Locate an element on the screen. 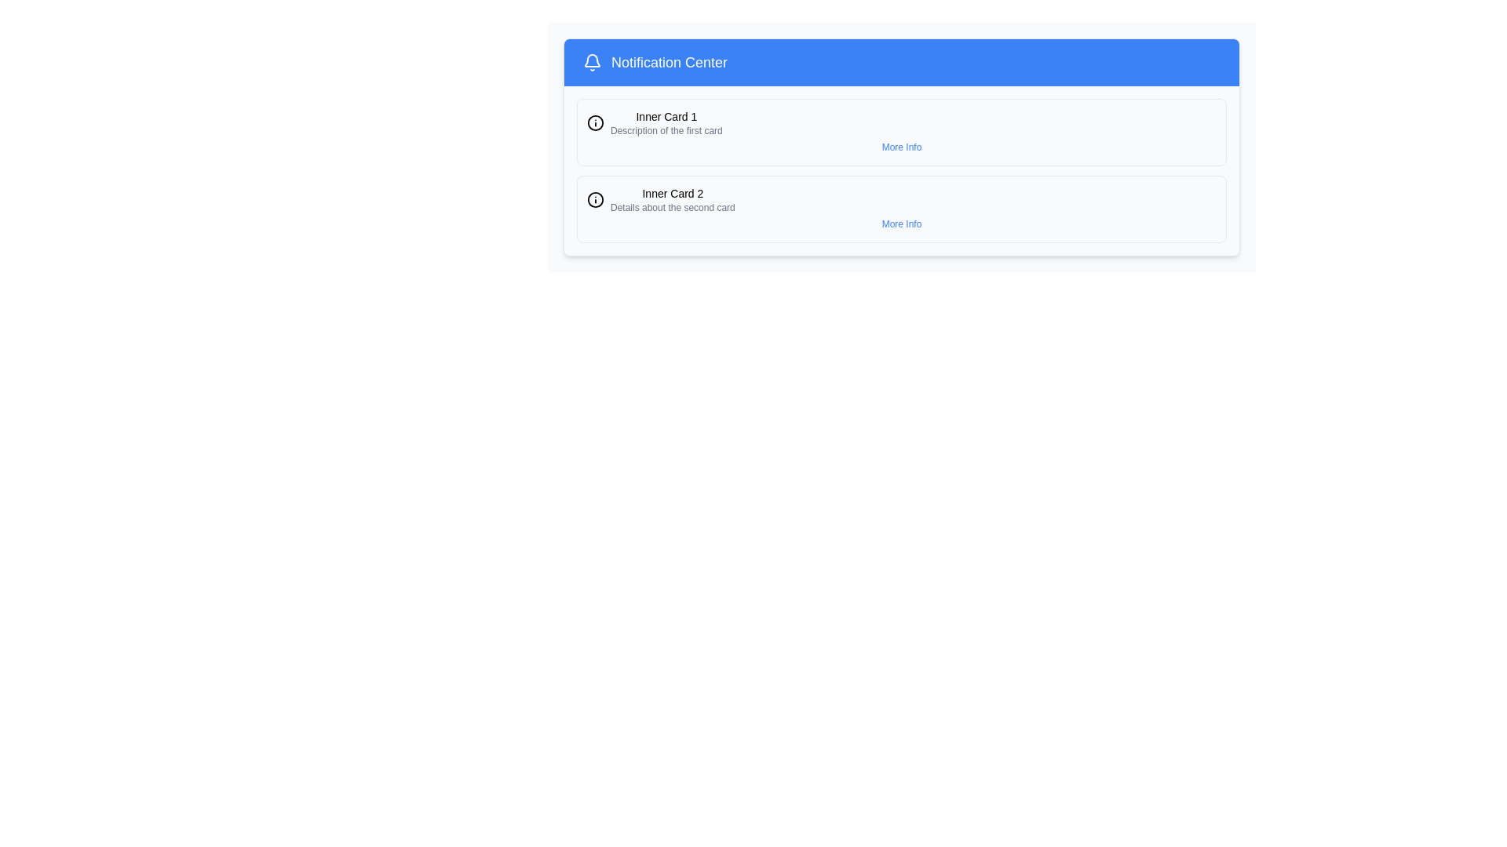 The height and width of the screenshot is (847, 1507). the visual information represented by the Icon located at the leftmost side of 'Inner Card 1' in the Notification Center interface is located at coordinates (594, 122).